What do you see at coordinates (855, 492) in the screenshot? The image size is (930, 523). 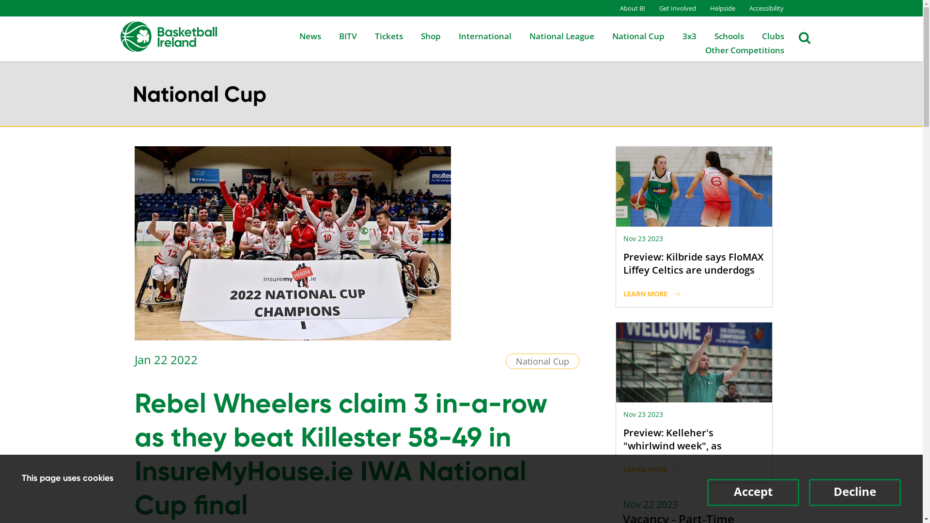 I see `'Decline'` at bounding box center [855, 492].